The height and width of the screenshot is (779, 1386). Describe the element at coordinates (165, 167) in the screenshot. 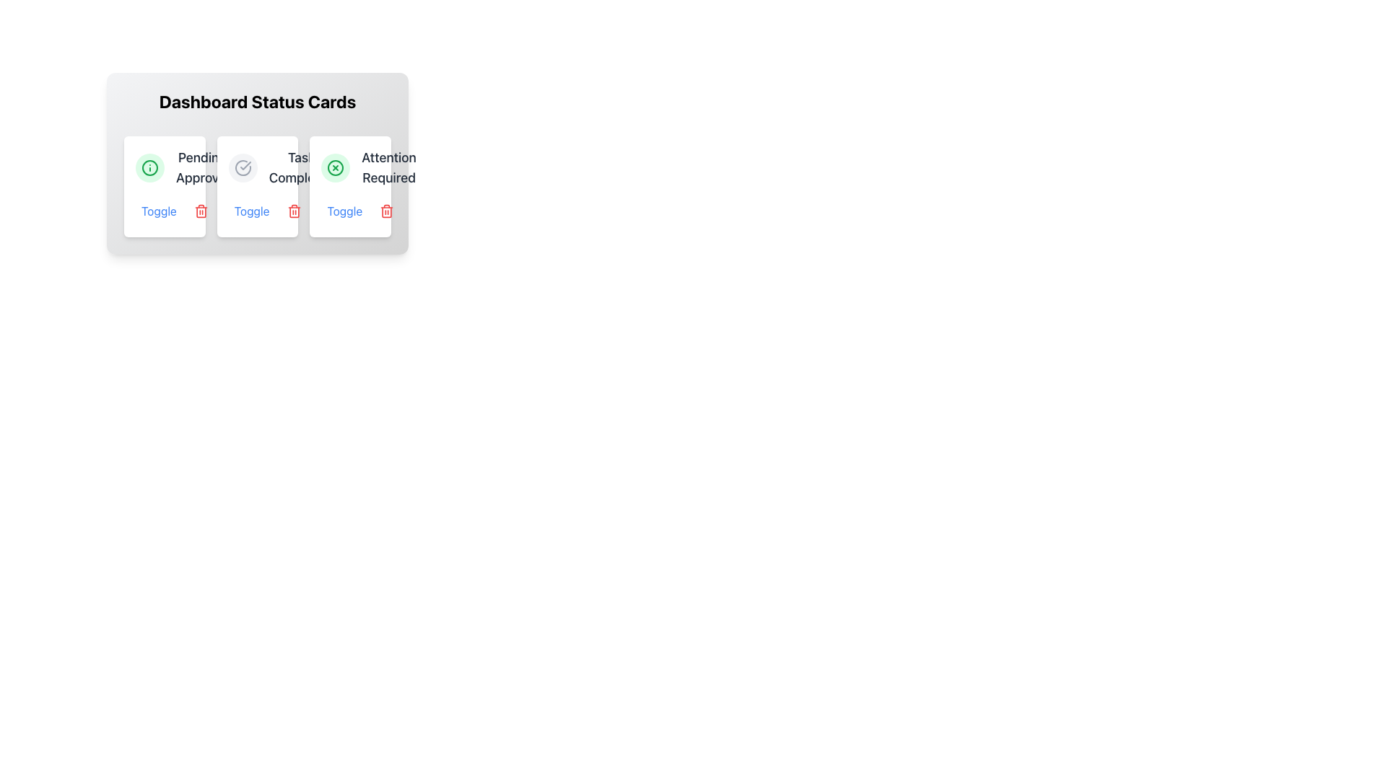

I see `the Status Card which contains a green circular icon with an 'i' symbol and the text 'Pending Approval' in bold, located in the top left corner of the card set` at that location.